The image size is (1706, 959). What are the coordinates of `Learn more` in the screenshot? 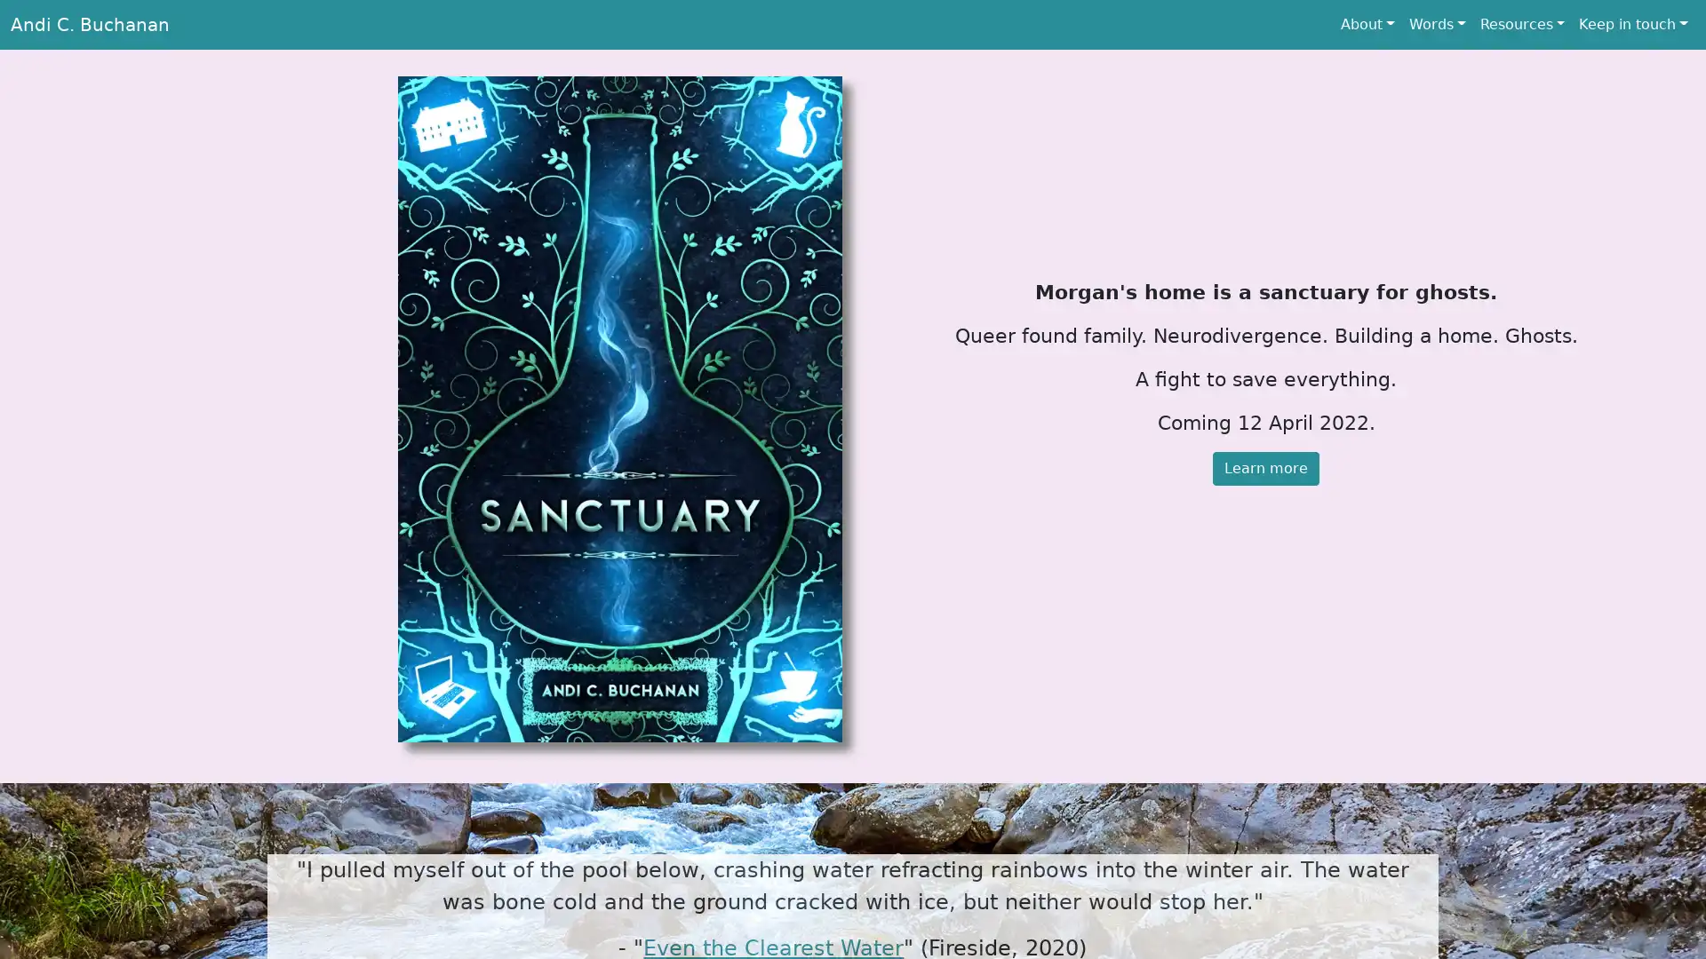 It's located at (1265, 467).